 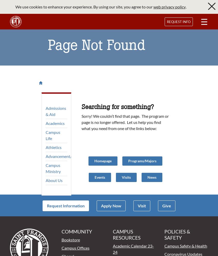 What do you see at coordinates (2, 3) in the screenshot?
I see `'___'` at bounding box center [2, 3].